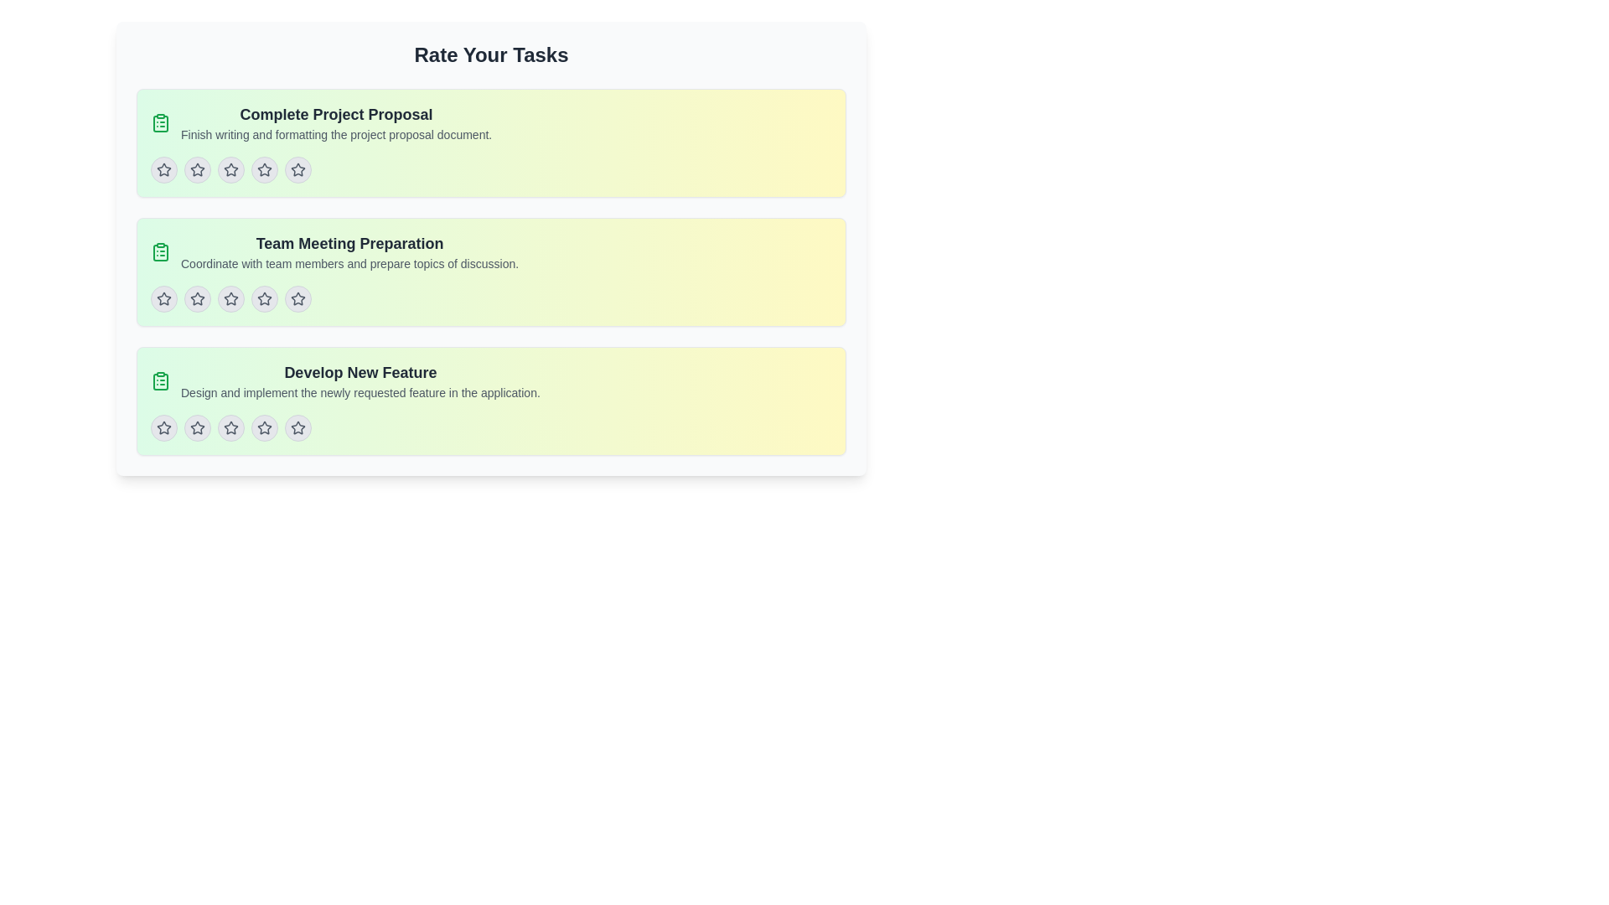 The width and height of the screenshot is (1609, 905). Describe the element at coordinates (297, 427) in the screenshot. I see `the fifth hollow star icon to rate it in the 'Develop New Feature' task section at the bottom of the page` at that location.